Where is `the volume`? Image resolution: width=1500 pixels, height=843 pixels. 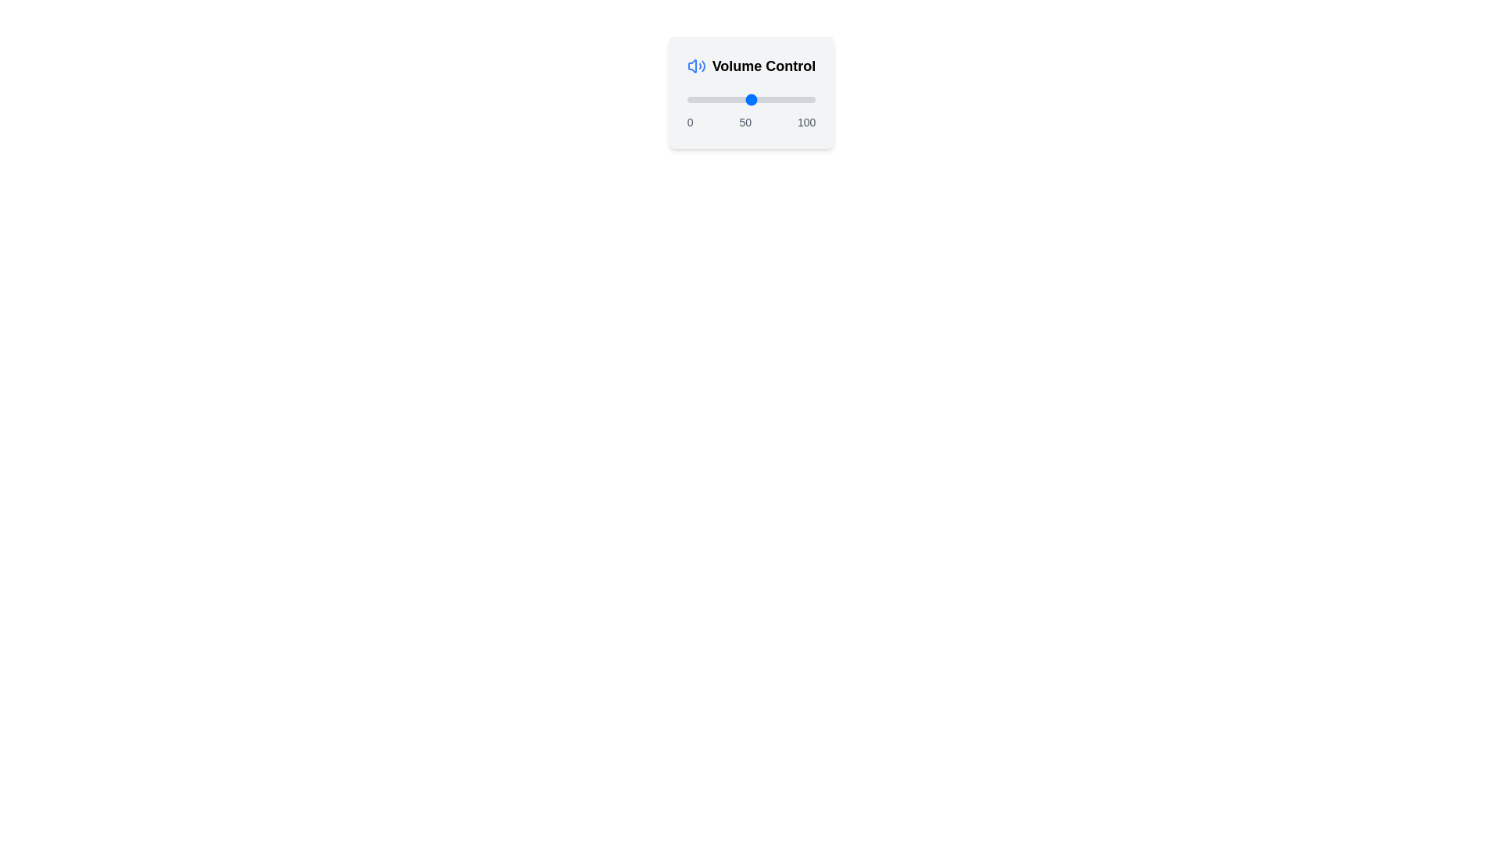 the volume is located at coordinates (784, 99).